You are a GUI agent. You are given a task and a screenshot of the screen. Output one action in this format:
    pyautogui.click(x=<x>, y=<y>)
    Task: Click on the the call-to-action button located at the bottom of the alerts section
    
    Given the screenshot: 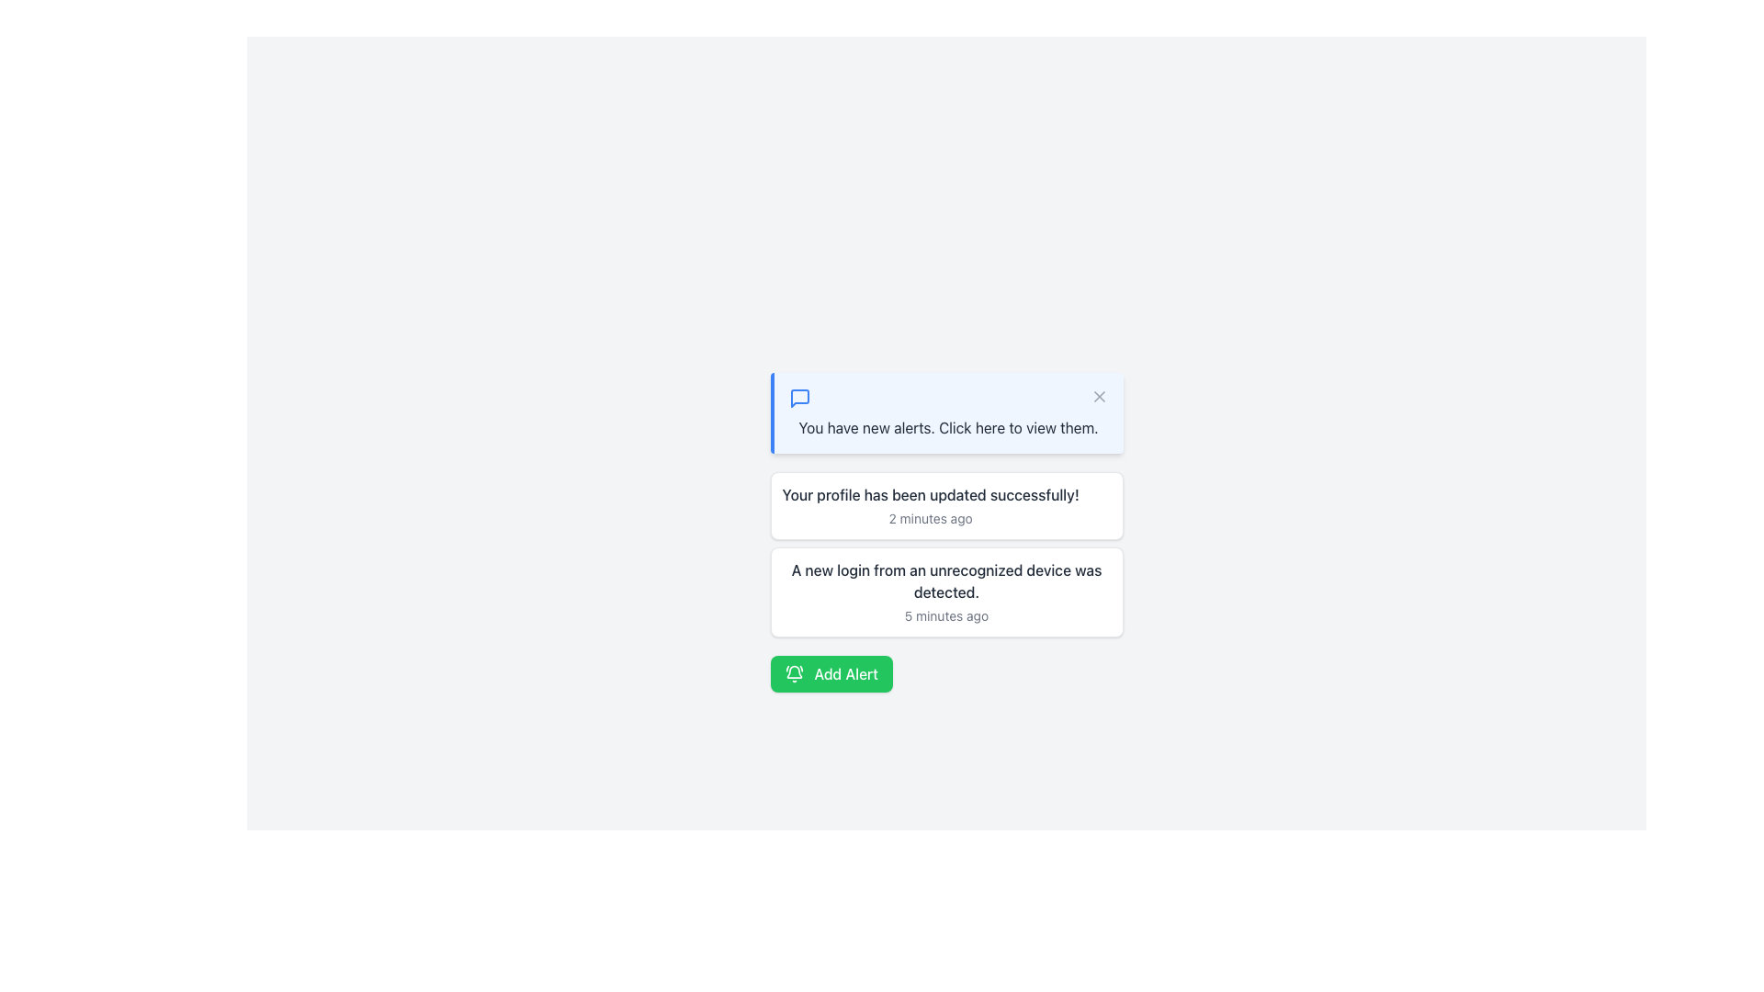 What is the action you would take?
    pyautogui.click(x=831, y=673)
    